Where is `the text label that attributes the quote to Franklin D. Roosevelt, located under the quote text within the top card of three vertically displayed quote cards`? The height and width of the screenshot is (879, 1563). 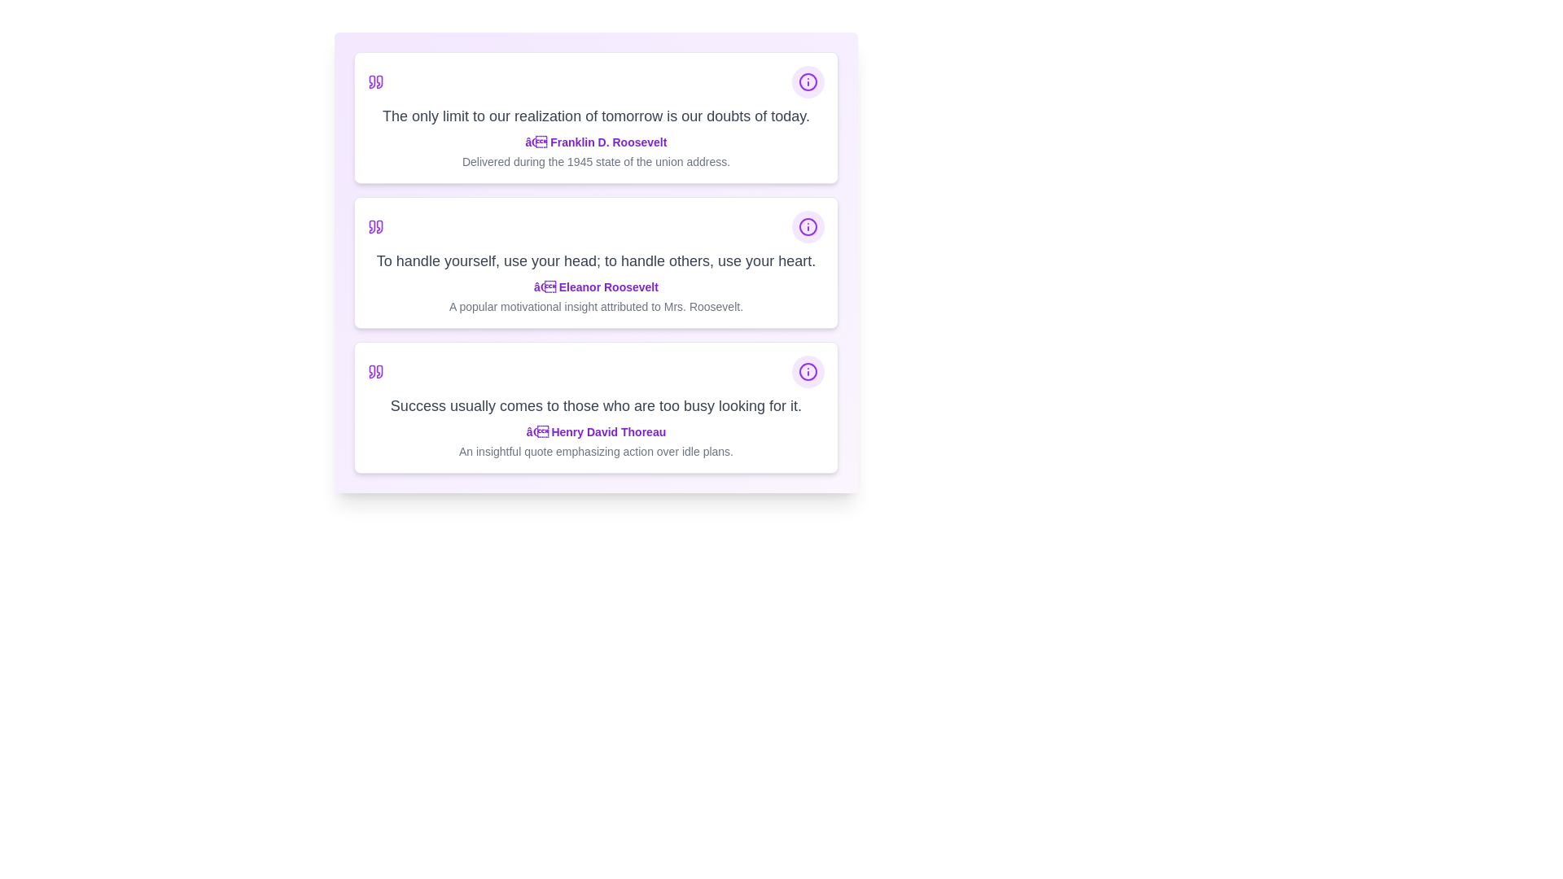
the text label that attributes the quote to Franklin D. Roosevelt, located under the quote text within the top card of three vertically displayed quote cards is located at coordinates (595, 141).